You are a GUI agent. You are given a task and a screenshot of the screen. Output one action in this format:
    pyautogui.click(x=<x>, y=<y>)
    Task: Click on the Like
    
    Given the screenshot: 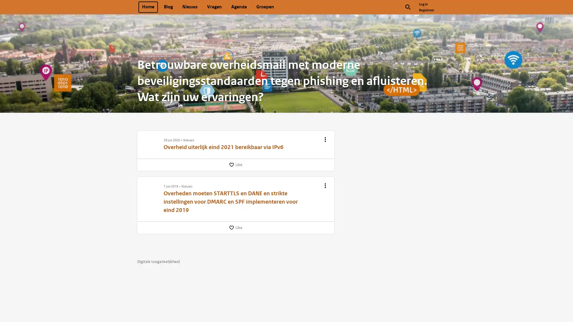 What is the action you would take?
    pyautogui.click(x=235, y=165)
    